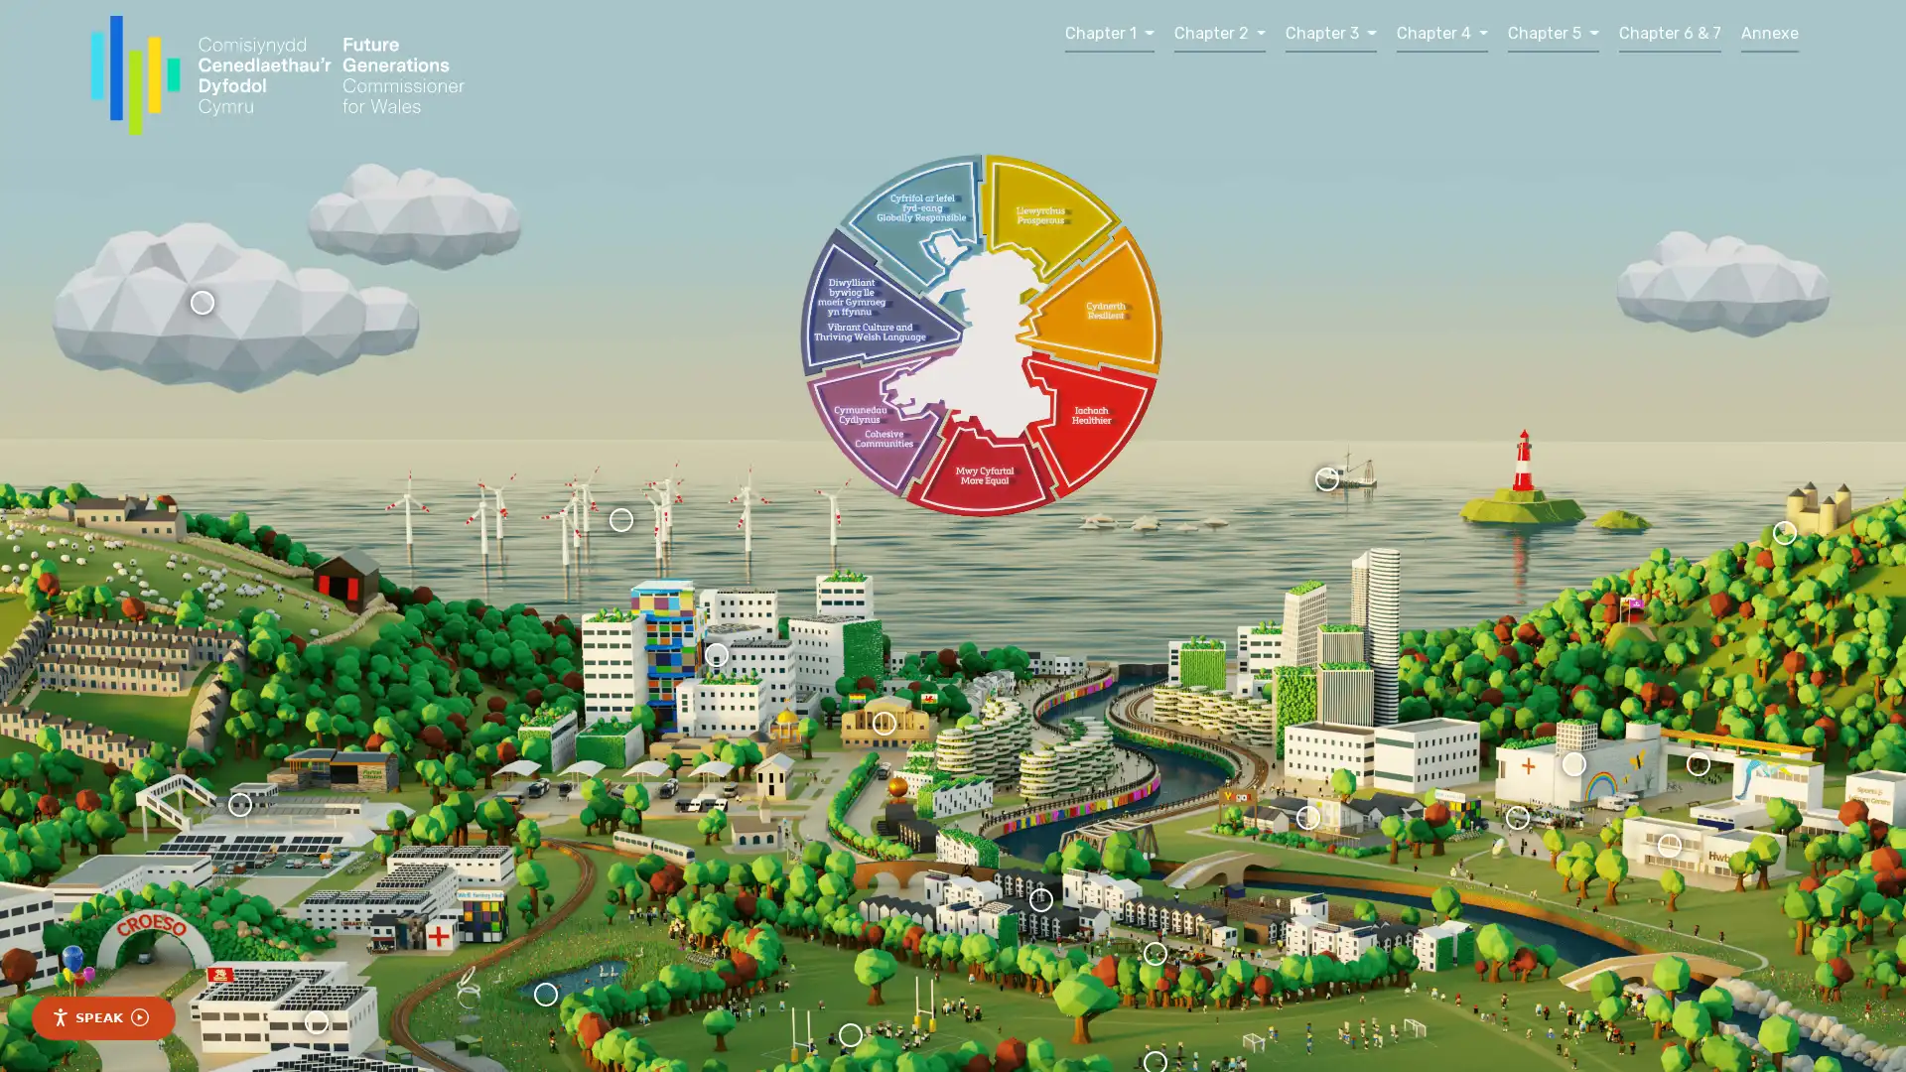 This screenshot has width=1906, height=1072. I want to click on Listen with the ReachDeck Toolbar, so click(102, 1018).